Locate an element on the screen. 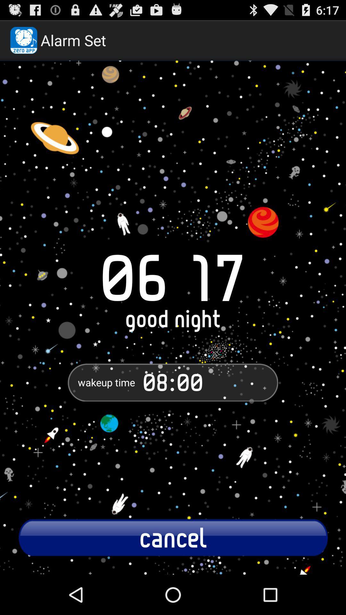  cancel button is located at coordinates (173, 537).